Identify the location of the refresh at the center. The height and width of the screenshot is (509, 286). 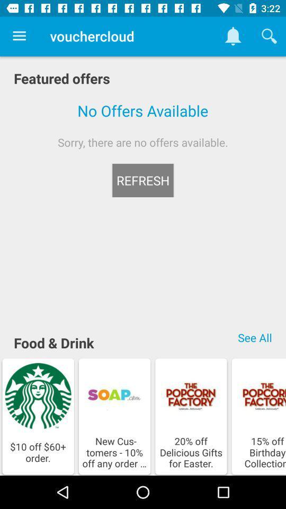
(143, 180).